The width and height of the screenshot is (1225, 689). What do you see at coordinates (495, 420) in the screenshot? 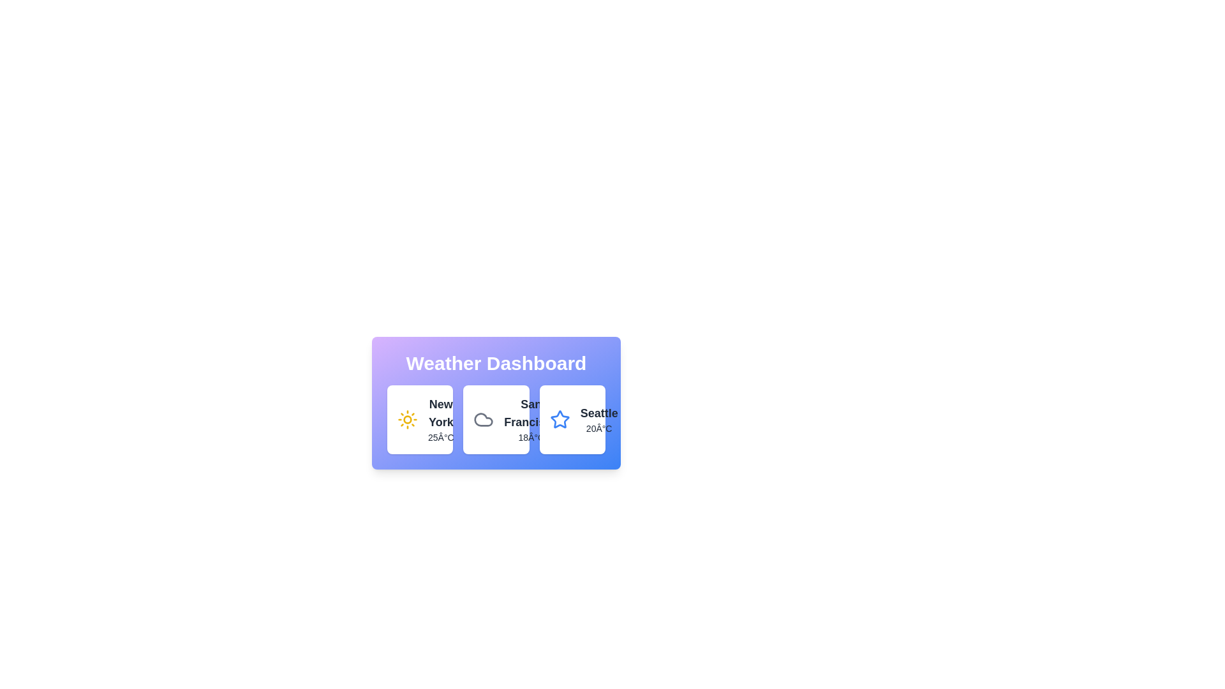
I see `displayed weather information on the Information Card for San Francisco, which is the second card in a row of three located between the cards for New York and Seattle` at bounding box center [495, 420].